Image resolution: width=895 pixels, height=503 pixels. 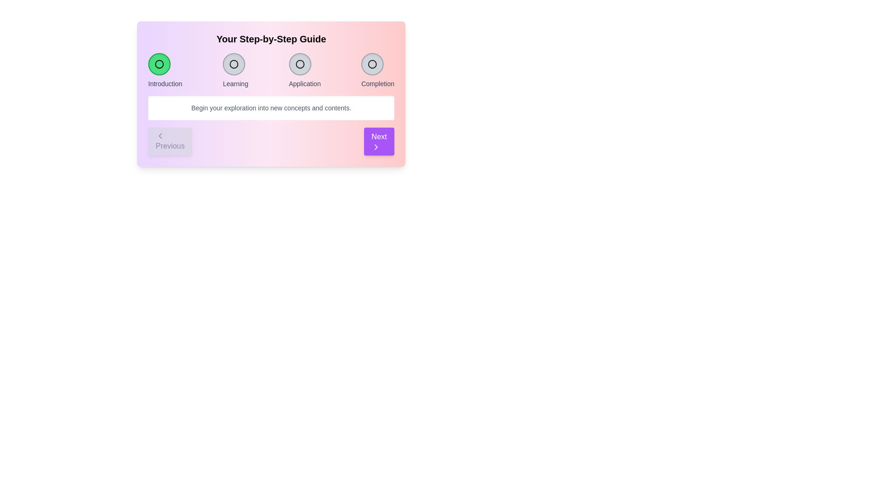 What do you see at coordinates (376, 147) in the screenshot?
I see `the right-pointing arrow icon within the purple 'Next' button at the bottom right corner of the interface` at bounding box center [376, 147].